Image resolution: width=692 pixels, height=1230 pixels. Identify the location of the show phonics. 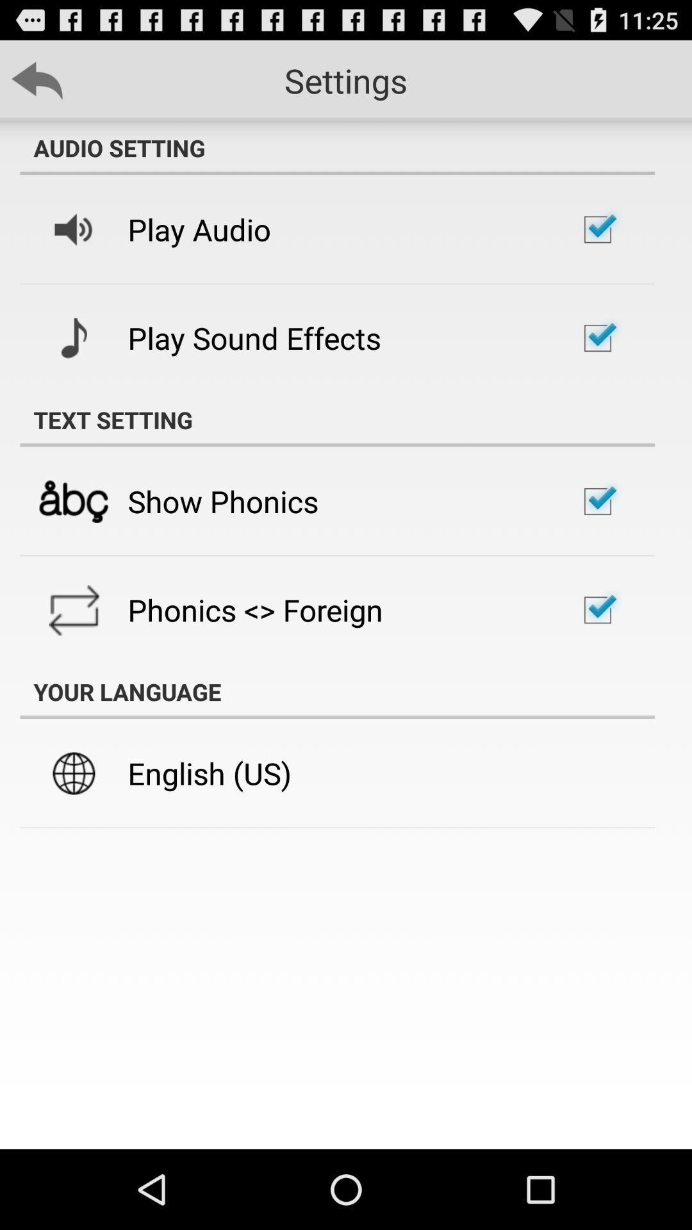
(222, 500).